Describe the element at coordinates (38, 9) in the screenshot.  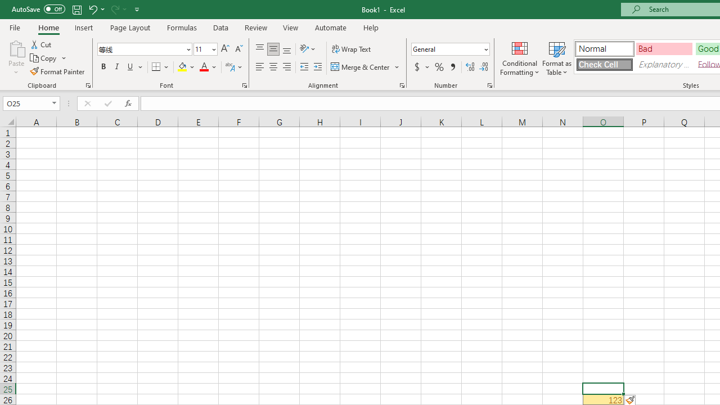
I see `'AutoSave'` at that location.